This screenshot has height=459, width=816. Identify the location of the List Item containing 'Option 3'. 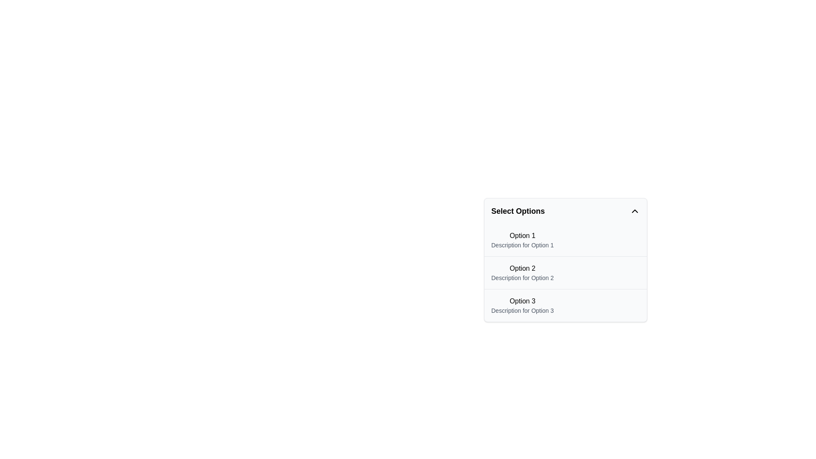
(565, 305).